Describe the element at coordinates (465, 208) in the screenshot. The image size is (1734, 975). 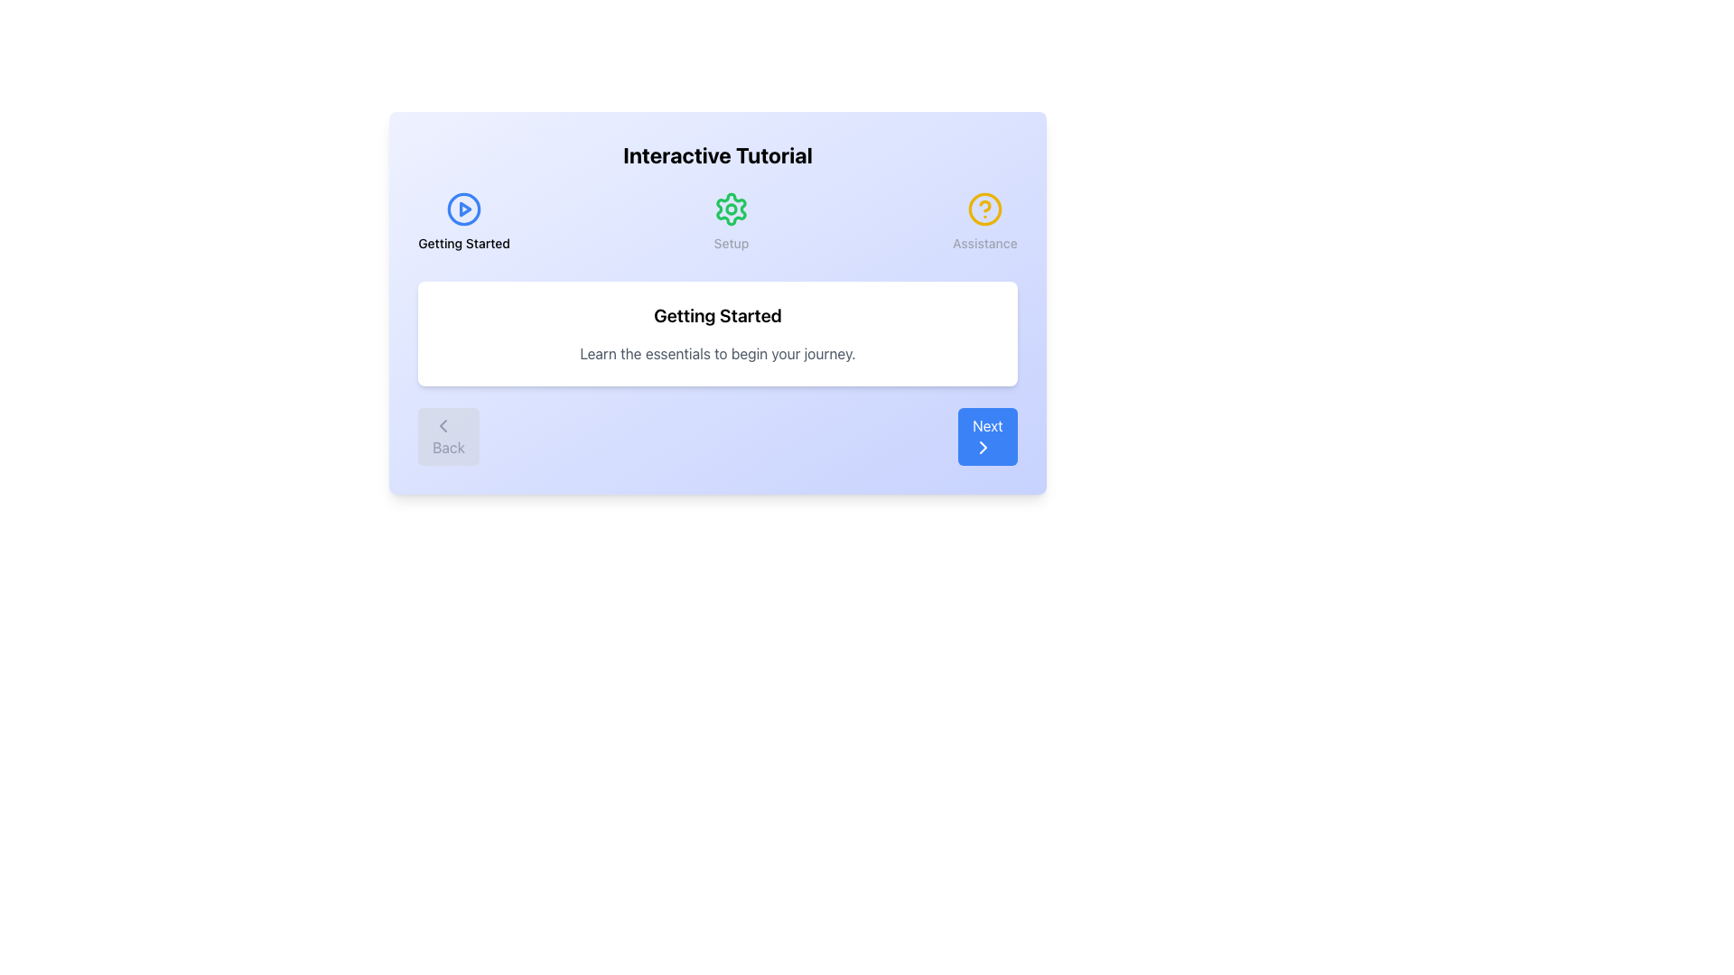
I see `on the blue play icon, which is a triangular shape inside a circular border located on the leftmost side of the three icons at the top of the panel` at that location.